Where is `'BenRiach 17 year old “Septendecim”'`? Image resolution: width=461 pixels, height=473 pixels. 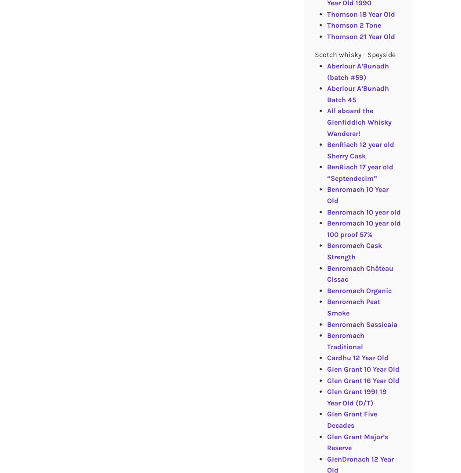
'BenRiach 17 year old “Septendecim”' is located at coordinates (359, 172).